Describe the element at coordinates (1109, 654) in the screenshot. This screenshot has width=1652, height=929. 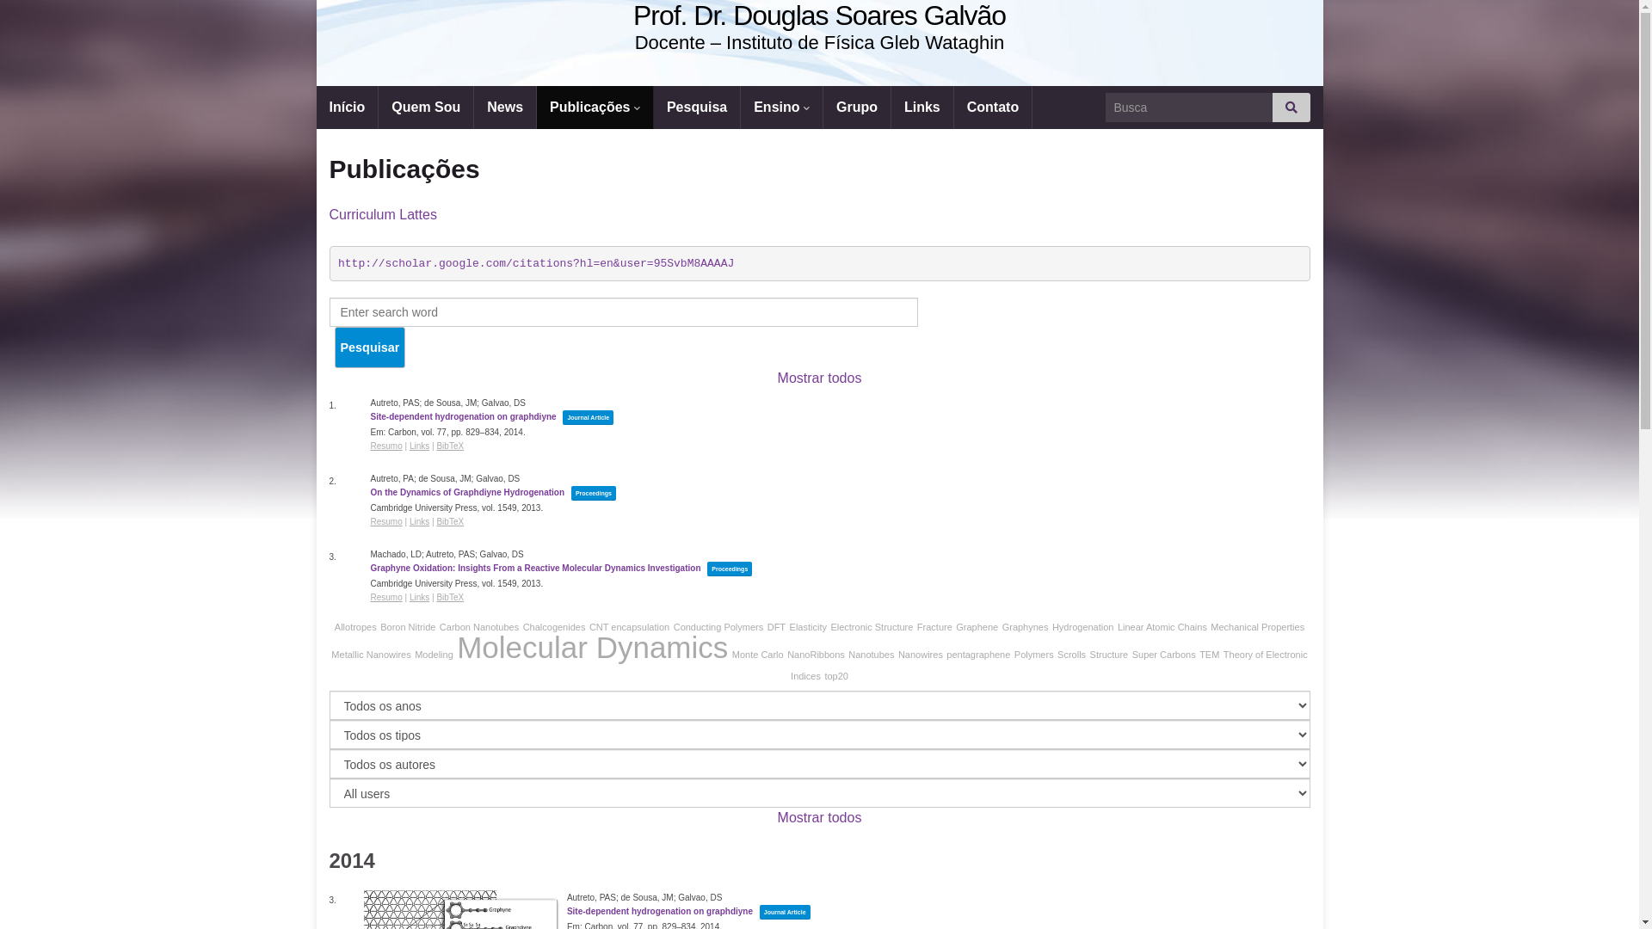
I see `'Structure'` at that location.